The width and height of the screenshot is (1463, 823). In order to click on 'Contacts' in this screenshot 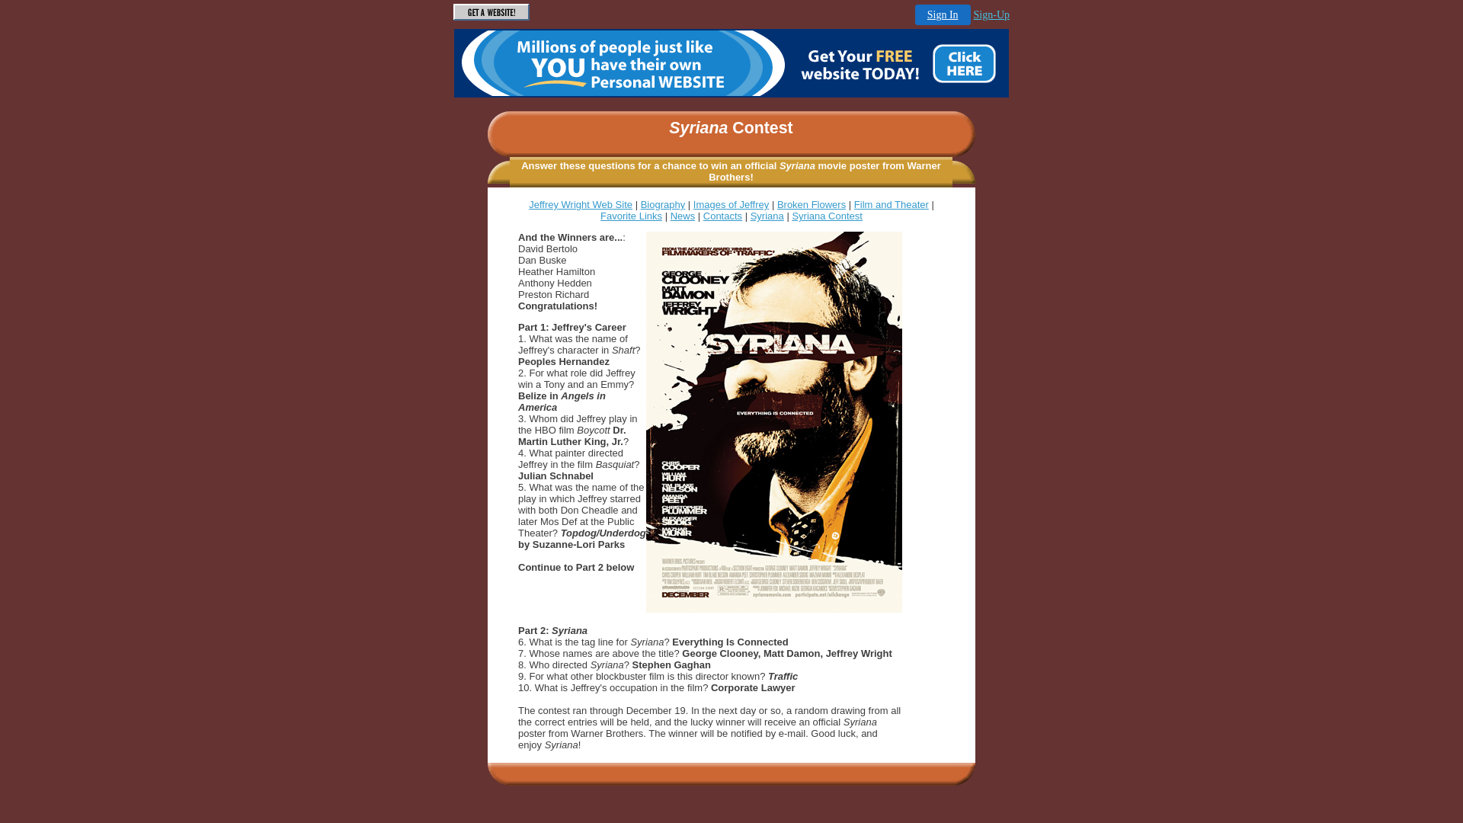, I will do `click(722, 216)`.